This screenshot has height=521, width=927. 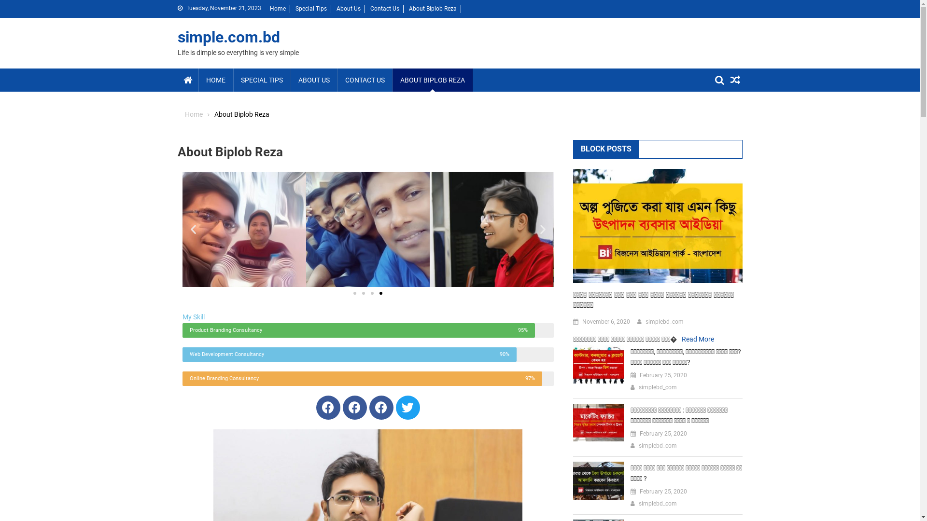 What do you see at coordinates (657, 446) in the screenshot?
I see `'simplebd_com'` at bounding box center [657, 446].